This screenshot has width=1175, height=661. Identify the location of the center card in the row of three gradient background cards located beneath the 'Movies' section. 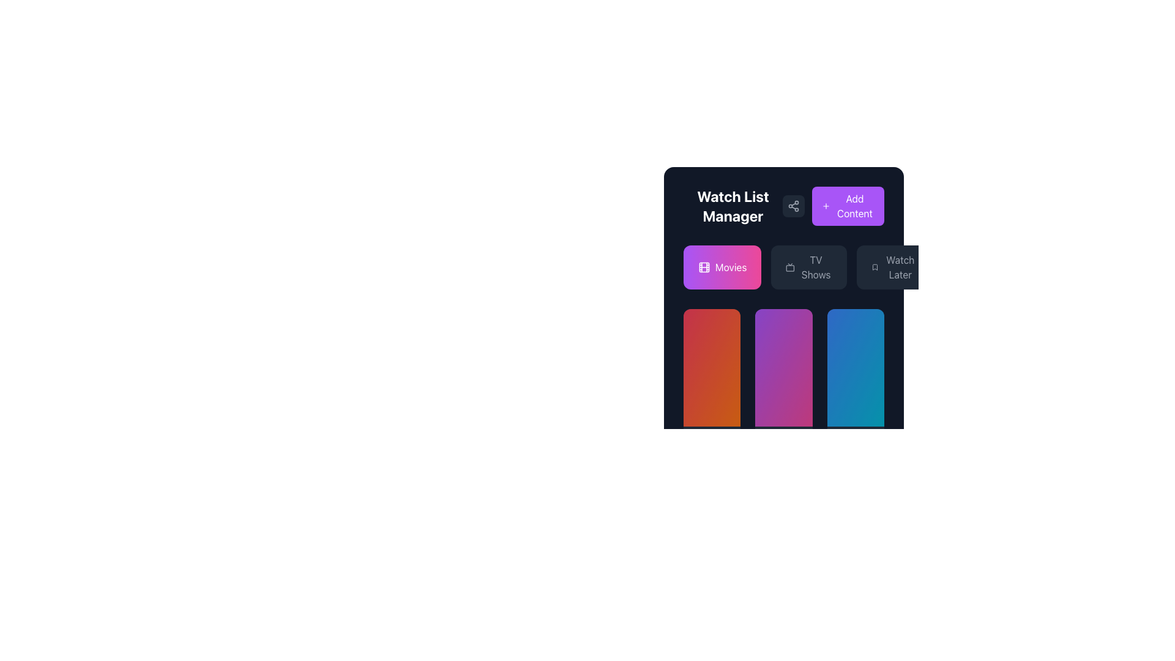
(784, 367).